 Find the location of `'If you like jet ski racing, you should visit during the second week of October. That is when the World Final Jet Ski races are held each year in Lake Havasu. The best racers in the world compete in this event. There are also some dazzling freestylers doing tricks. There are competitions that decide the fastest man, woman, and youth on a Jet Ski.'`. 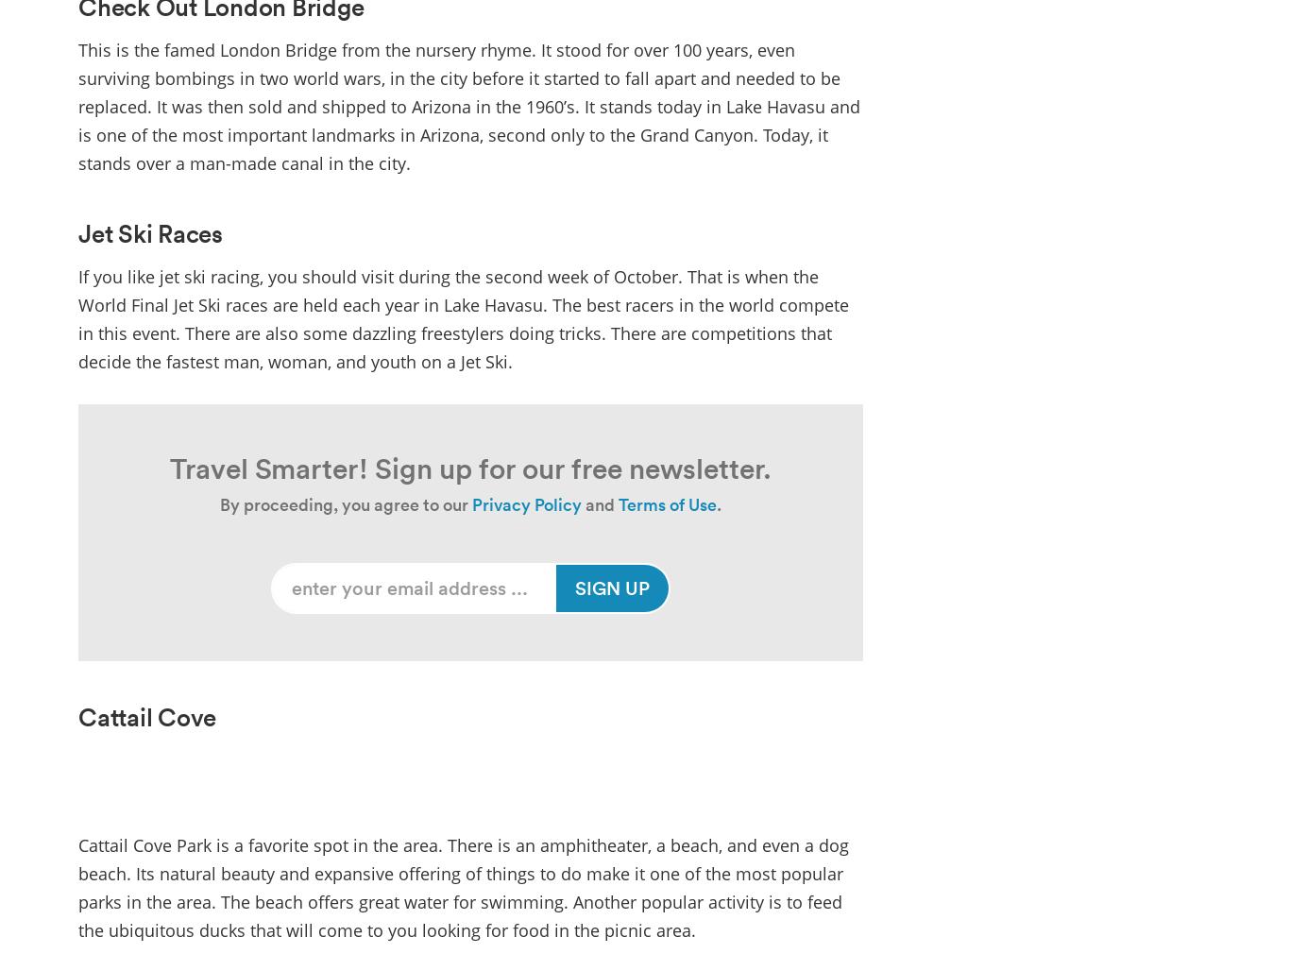

'If you like jet ski racing, you should visit during the second week of October. That is when the World Final Jet Ski races are held each year in Lake Havasu. The best racers in the world compete in this event. There are also some dazzling freestylers doing tricks. There are competitions that decide the fastest man, woman, and youth on a Jet Ski.' is located at coordinates (463, 316).